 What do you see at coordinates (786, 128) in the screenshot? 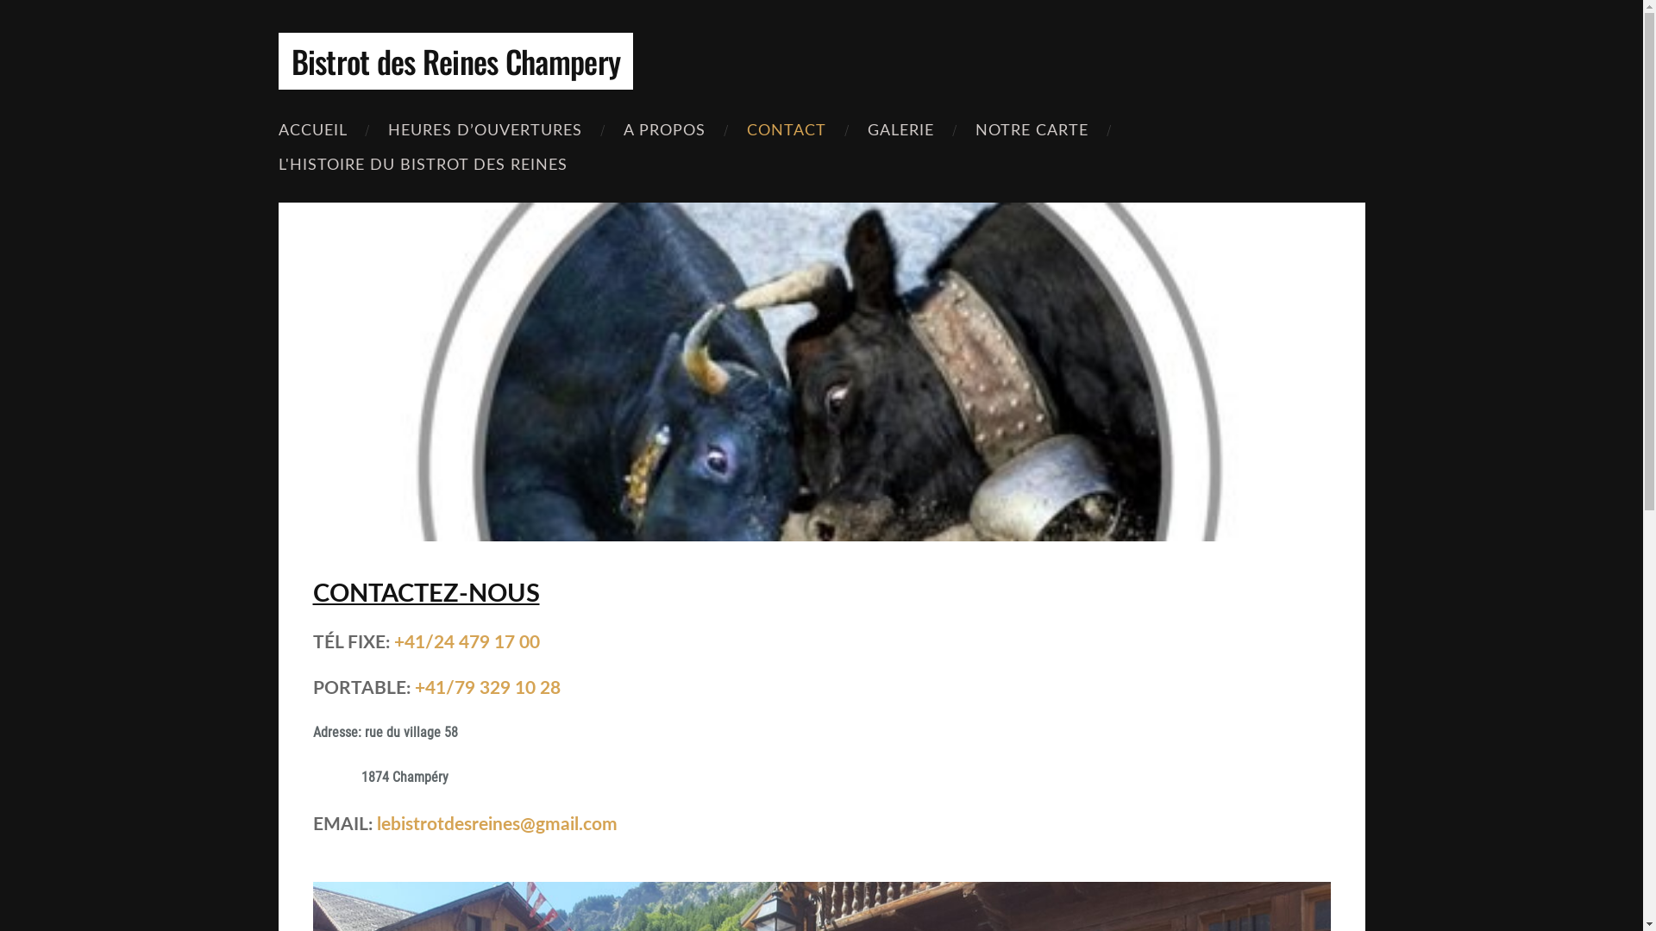
I see `'CONTACT'` at bounding box center [786, 128].